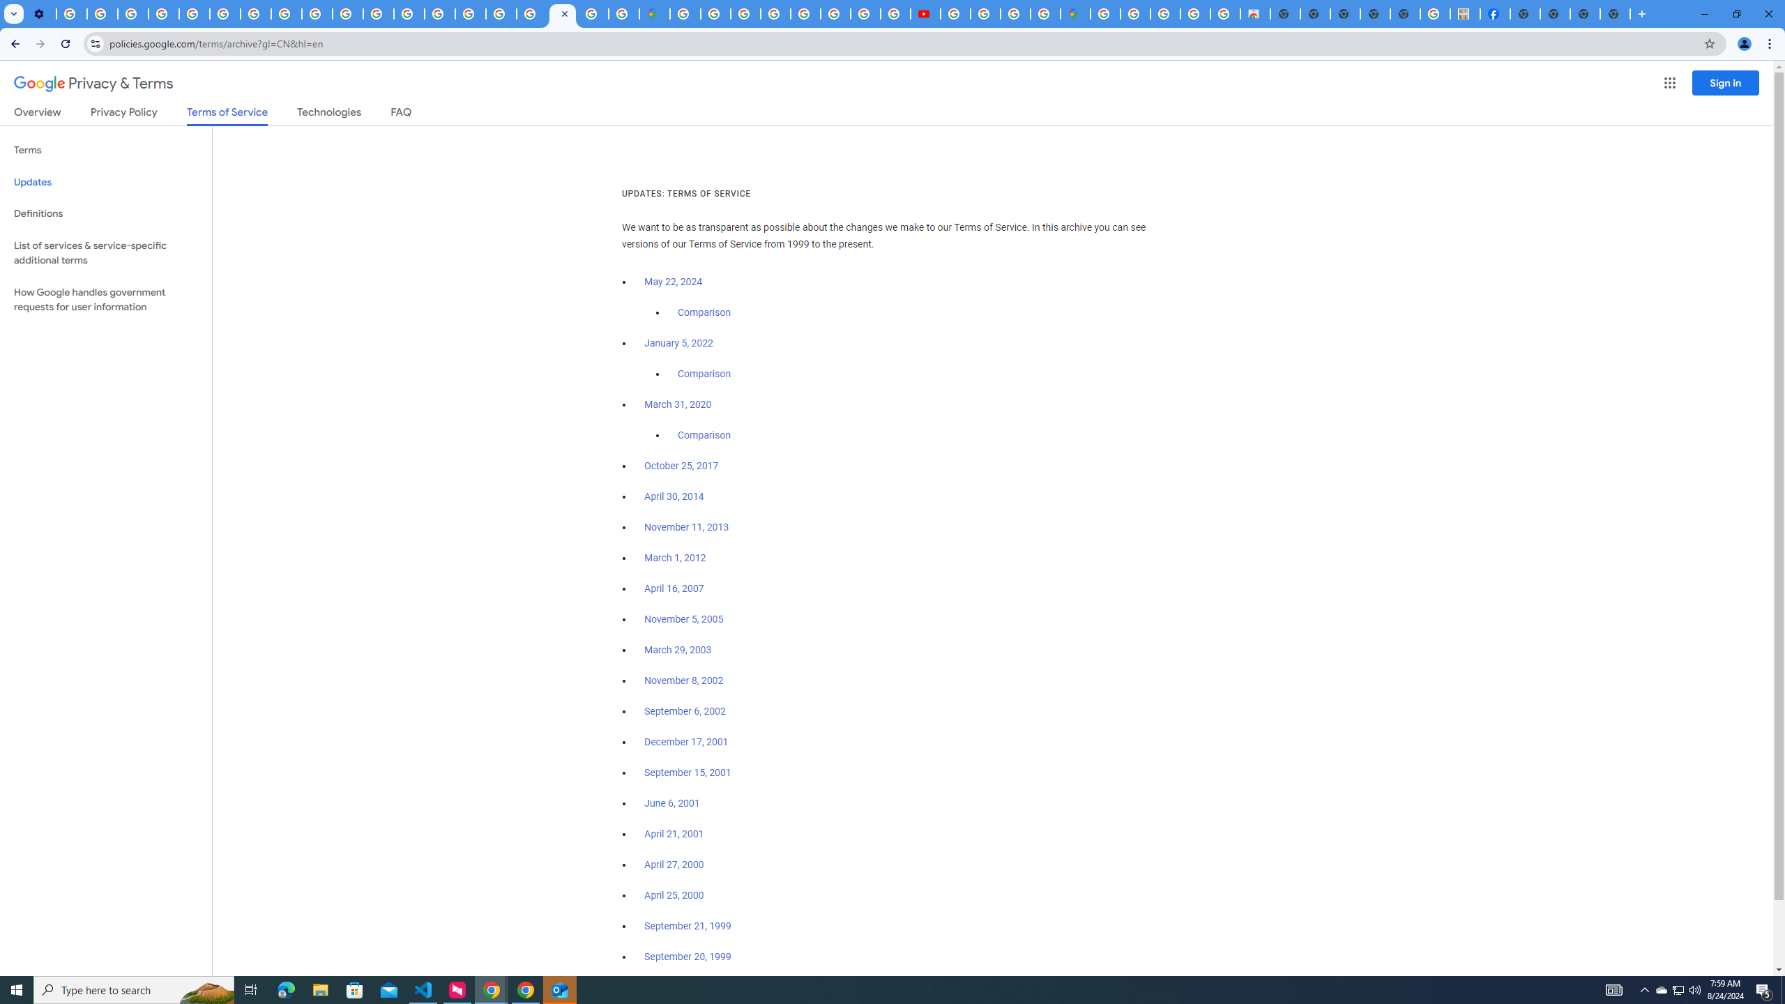  Describe the element at coordinates (671, 803) in the screenshot. I see `'June 6, 2001'` at that location.